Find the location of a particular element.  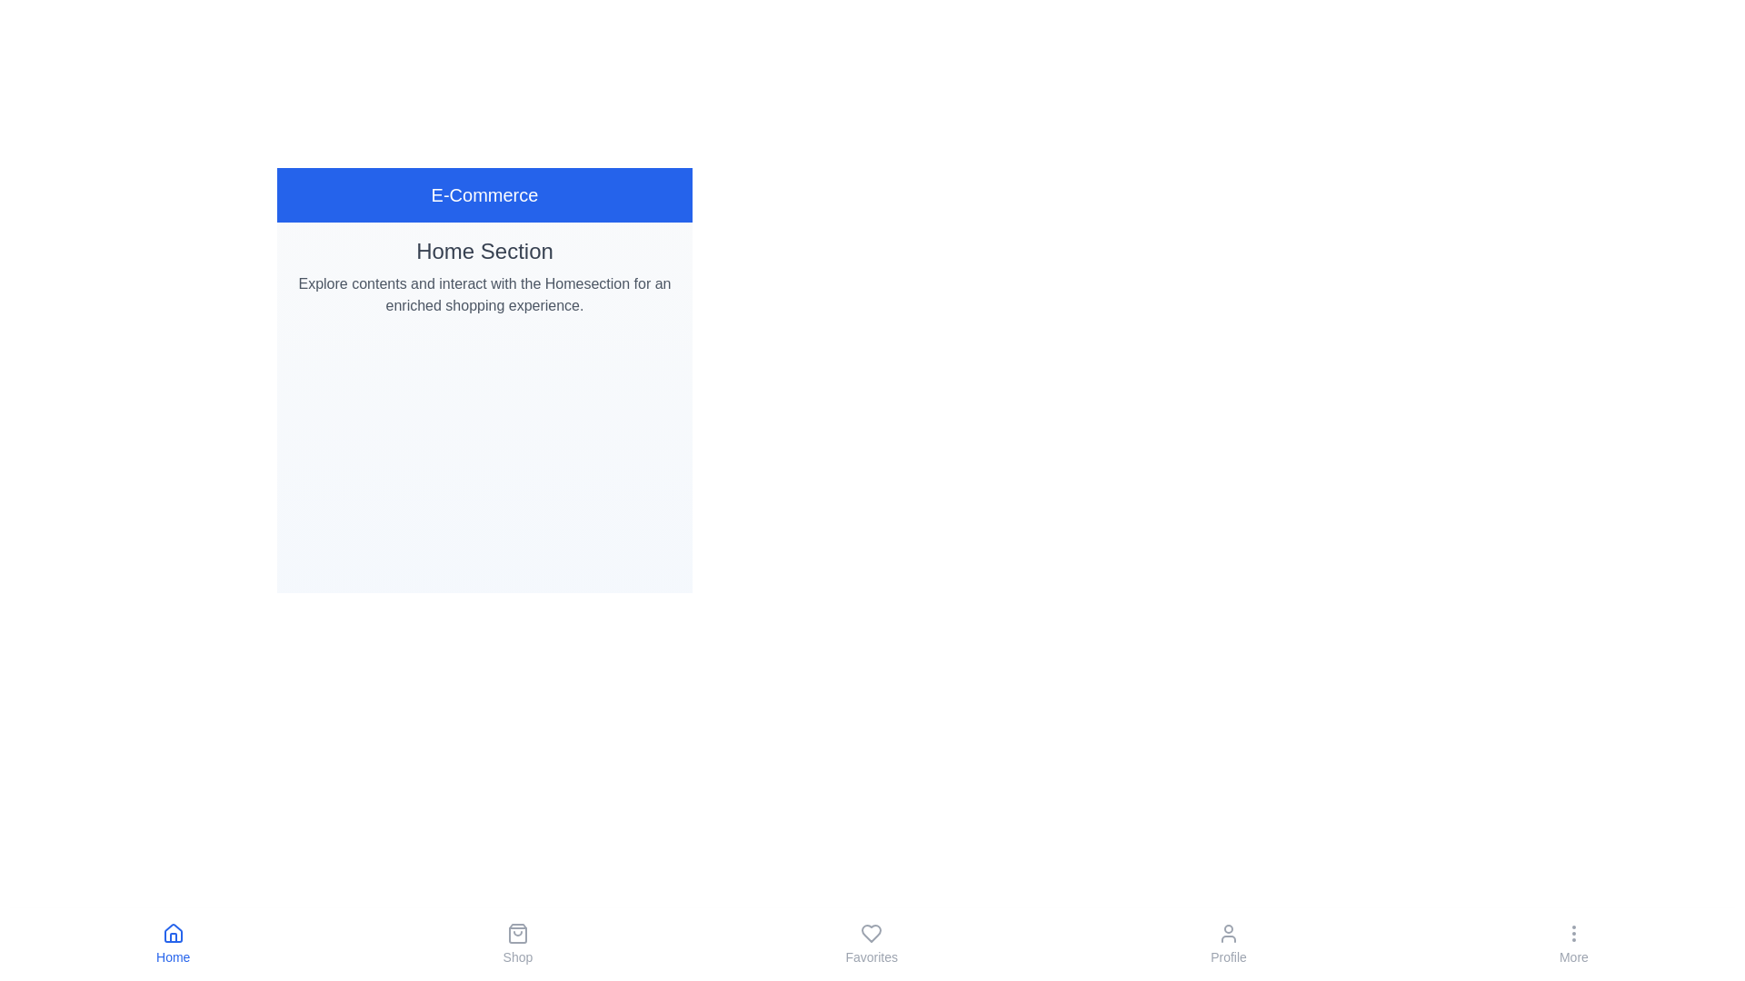

the More button in the bottom navigation bar to navigate to the corresponding tab is located at coordinates (1573, 944).